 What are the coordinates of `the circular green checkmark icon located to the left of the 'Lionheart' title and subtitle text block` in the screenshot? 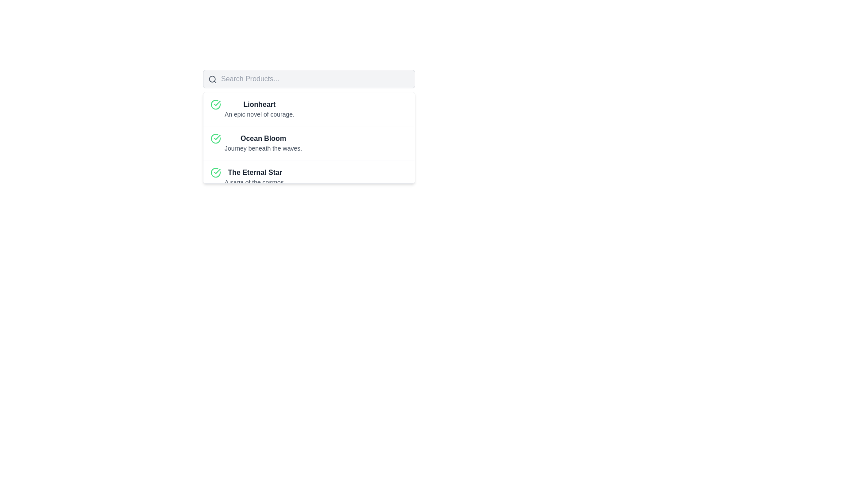 It's located at (216, 104).